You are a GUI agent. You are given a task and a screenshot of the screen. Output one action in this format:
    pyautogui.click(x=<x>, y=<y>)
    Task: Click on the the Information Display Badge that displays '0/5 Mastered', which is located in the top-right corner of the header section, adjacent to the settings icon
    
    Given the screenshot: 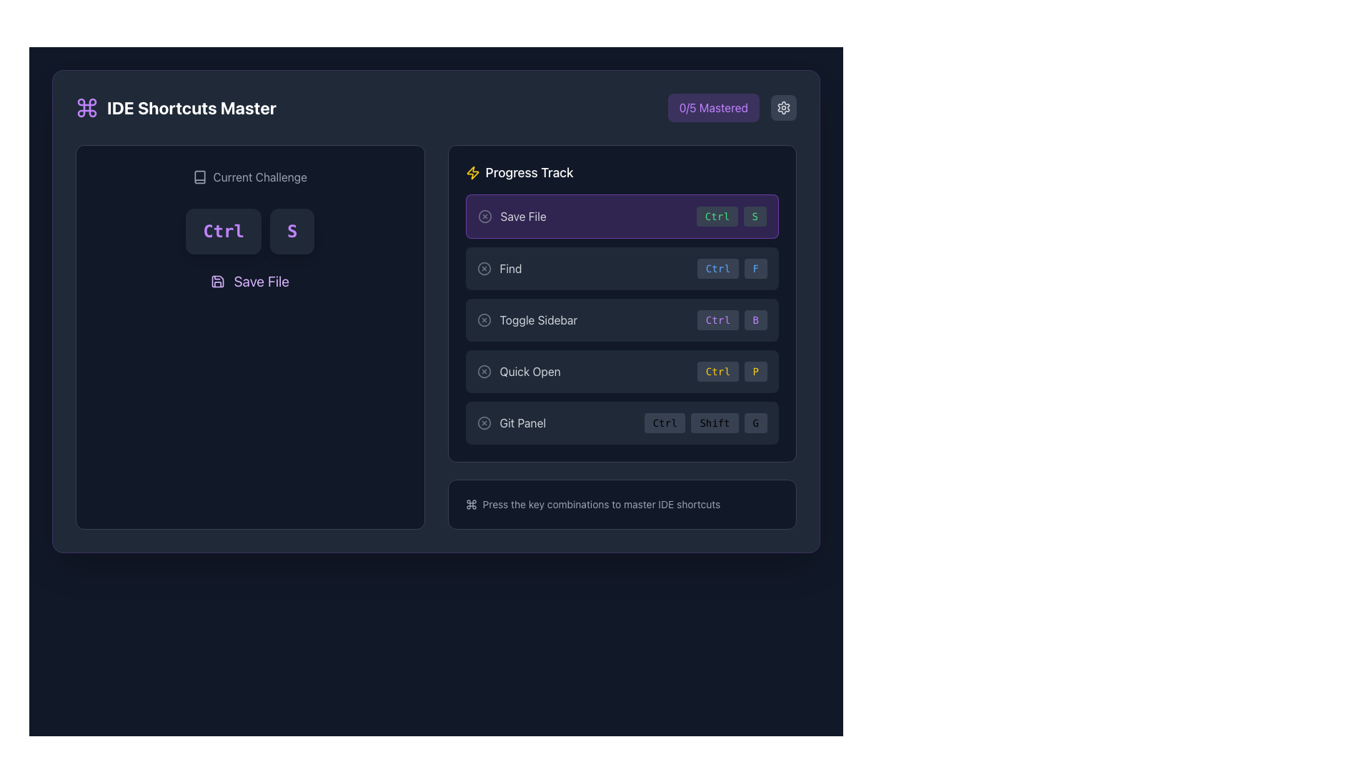 What is the action you would take?
    pyautogui.click(x=732, y=107)
    